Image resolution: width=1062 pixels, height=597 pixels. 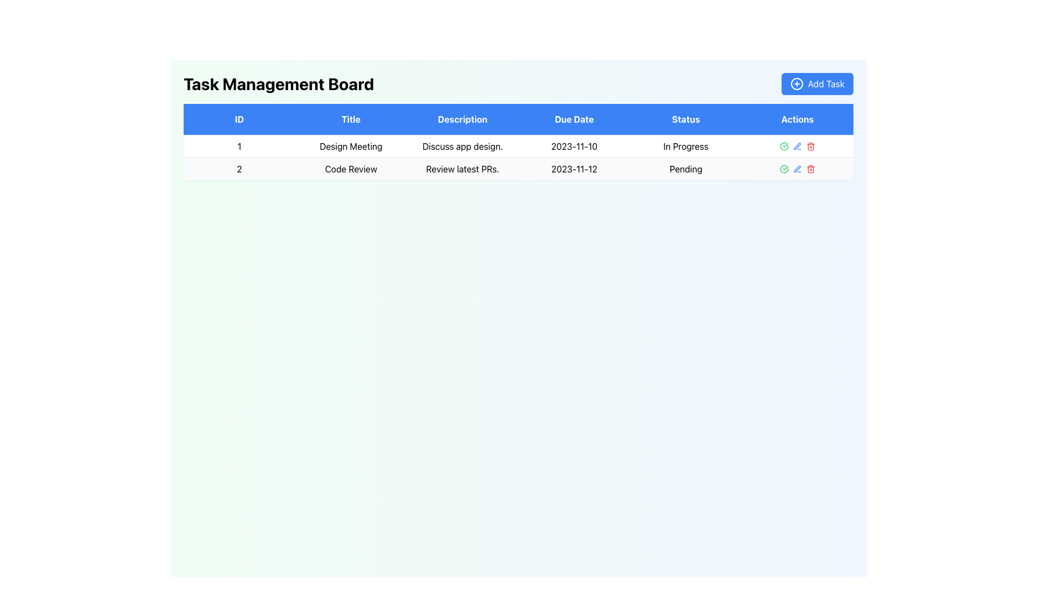 I want to click on the edit icon located in the 'Actions' column of the second row in the table, so click(x=797, y=145).